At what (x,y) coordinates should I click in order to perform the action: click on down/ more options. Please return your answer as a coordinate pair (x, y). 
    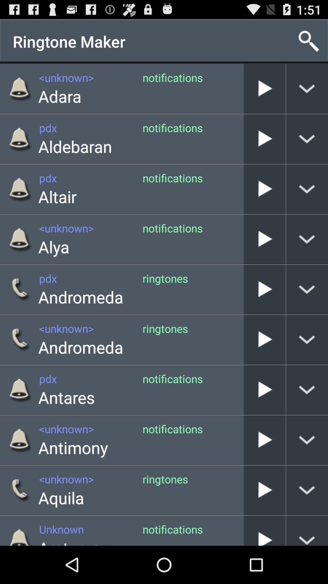
    Looking at the image, I should click on (307, 390).